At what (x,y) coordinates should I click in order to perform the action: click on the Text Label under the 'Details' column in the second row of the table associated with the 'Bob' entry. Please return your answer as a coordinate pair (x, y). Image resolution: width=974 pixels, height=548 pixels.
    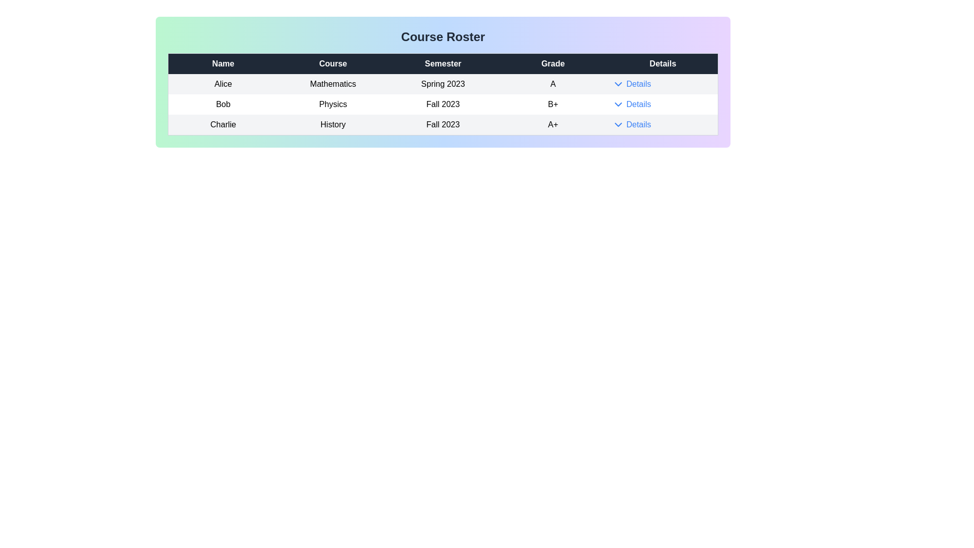
    Looking at the image, I should click on (638, 104).